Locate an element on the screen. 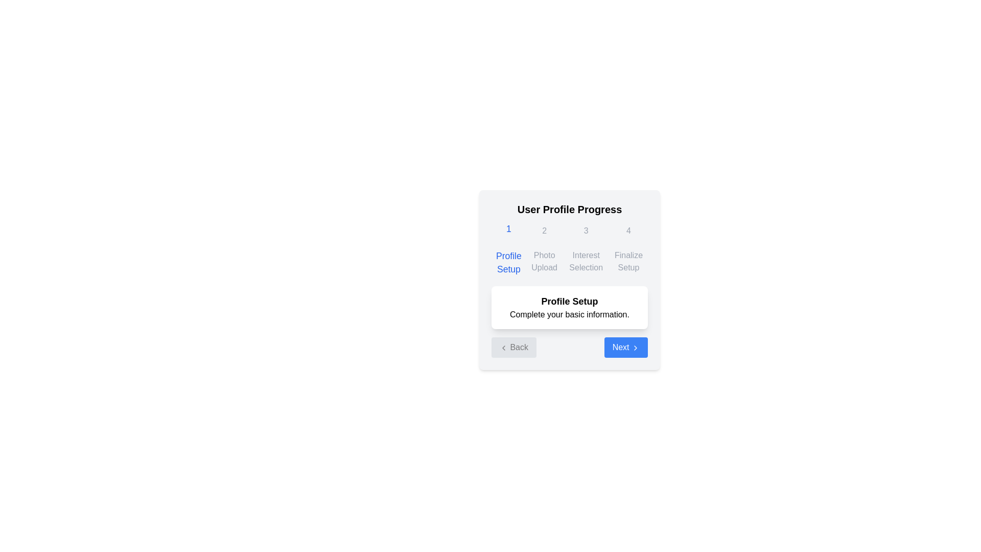 Image resolution: width=981 pixels, height=552 pixels. the static text label element that reads 'Interest Selection', which is styled with light gray typography and is located beneath the number '3' in the third column of the progress indicator is located at coordinates (586, 261).